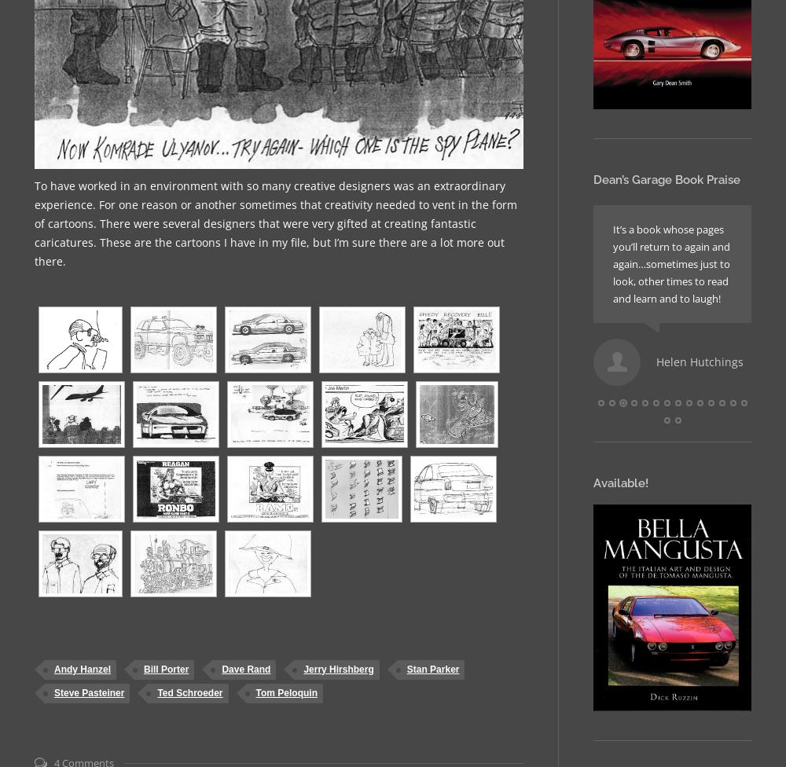 This screenshot has width=786, height=767. Describe the element at coordinates (82, 670) in the screenshot. I see `'Andy Hanzel'` at that location.